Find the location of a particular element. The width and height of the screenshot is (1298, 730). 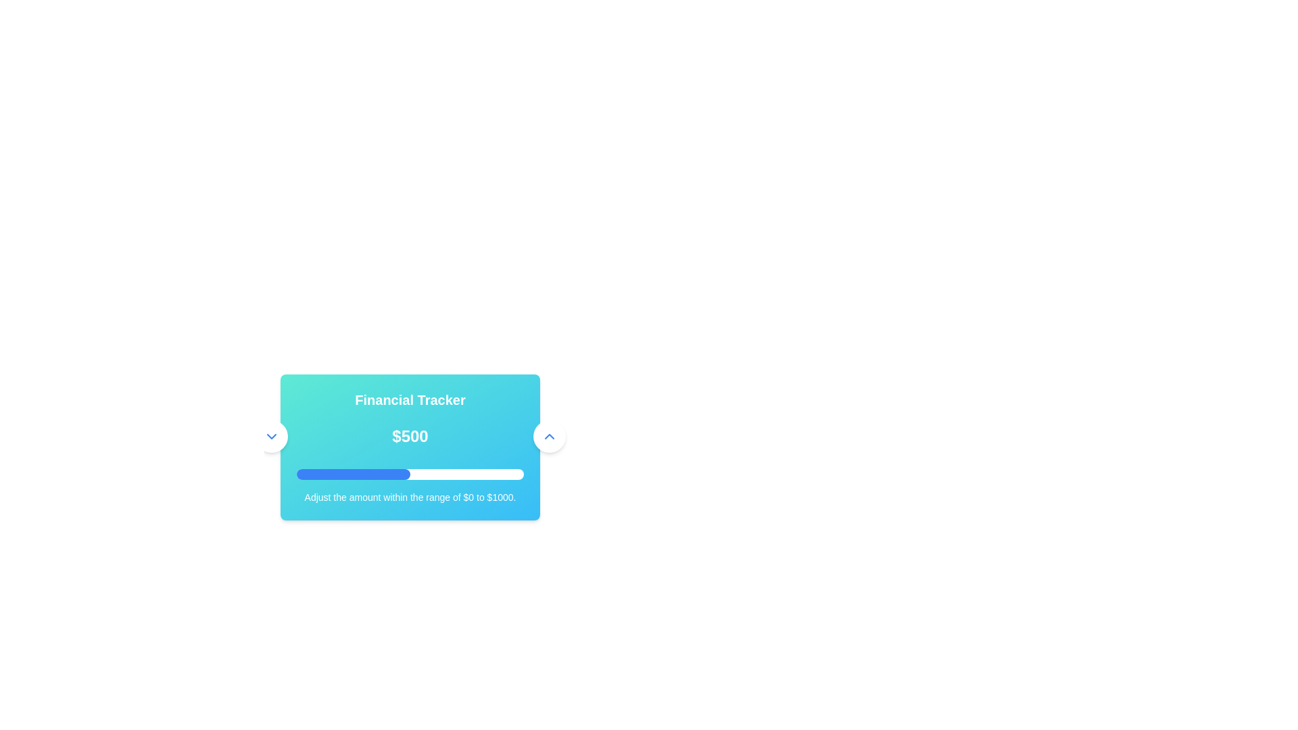

the button with an icon located beneath the 'Financial Tracker' title is located at coordinates (270, 436).